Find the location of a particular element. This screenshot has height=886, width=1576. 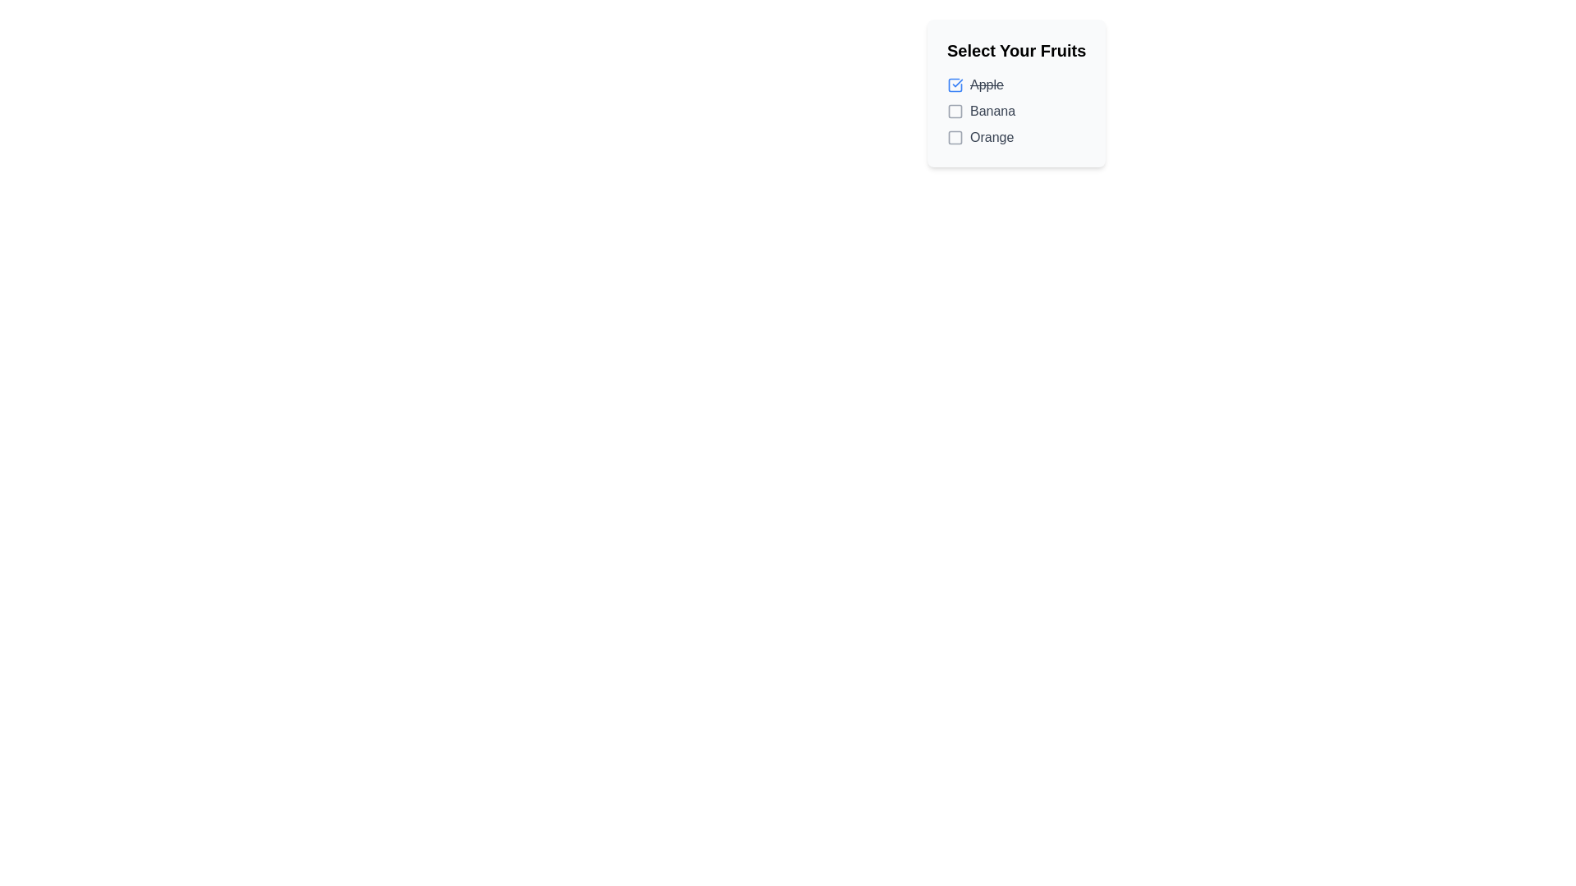

the text label indicating an unavailable fruit selection in the 'Select Your Fruits' list, which is the first item next to a blue-checked checkbox is located at coordinates (986, 85).